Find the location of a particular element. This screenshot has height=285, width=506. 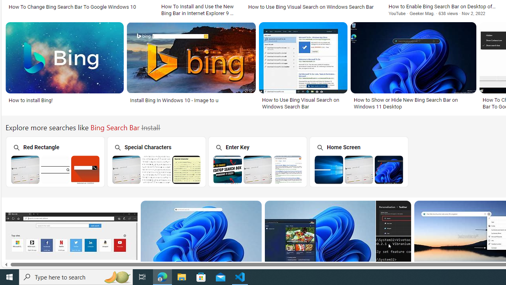

'Install Bing In Windows 10 - Image to uSave' is located at coordinates (193, 66).